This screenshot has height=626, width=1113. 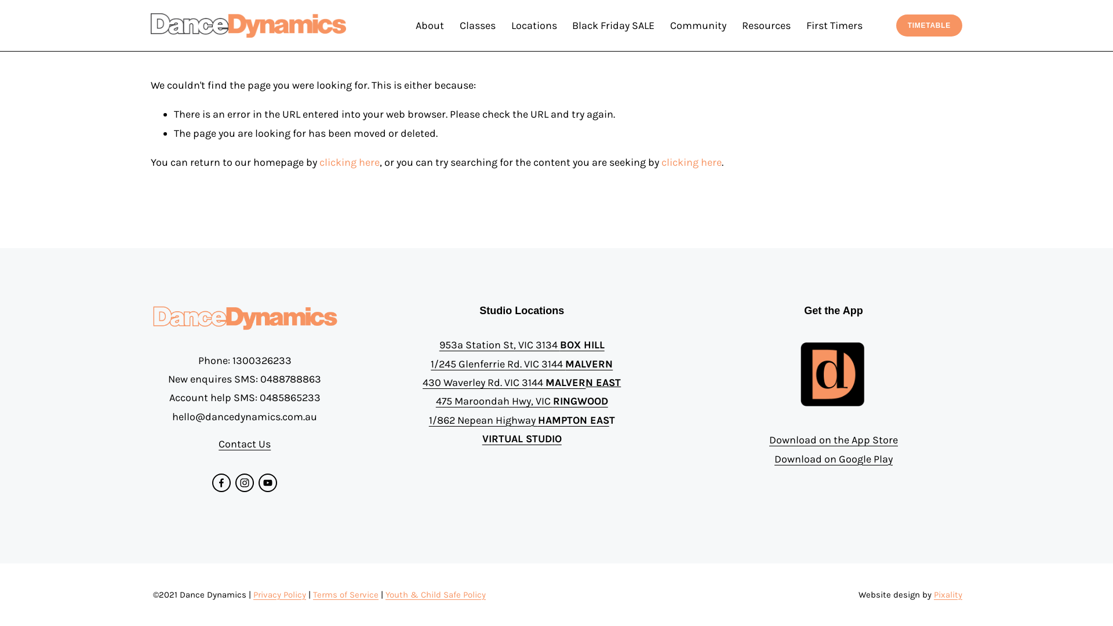 I want to click on 'Black Friday SALE', so click(x=612, y=25).